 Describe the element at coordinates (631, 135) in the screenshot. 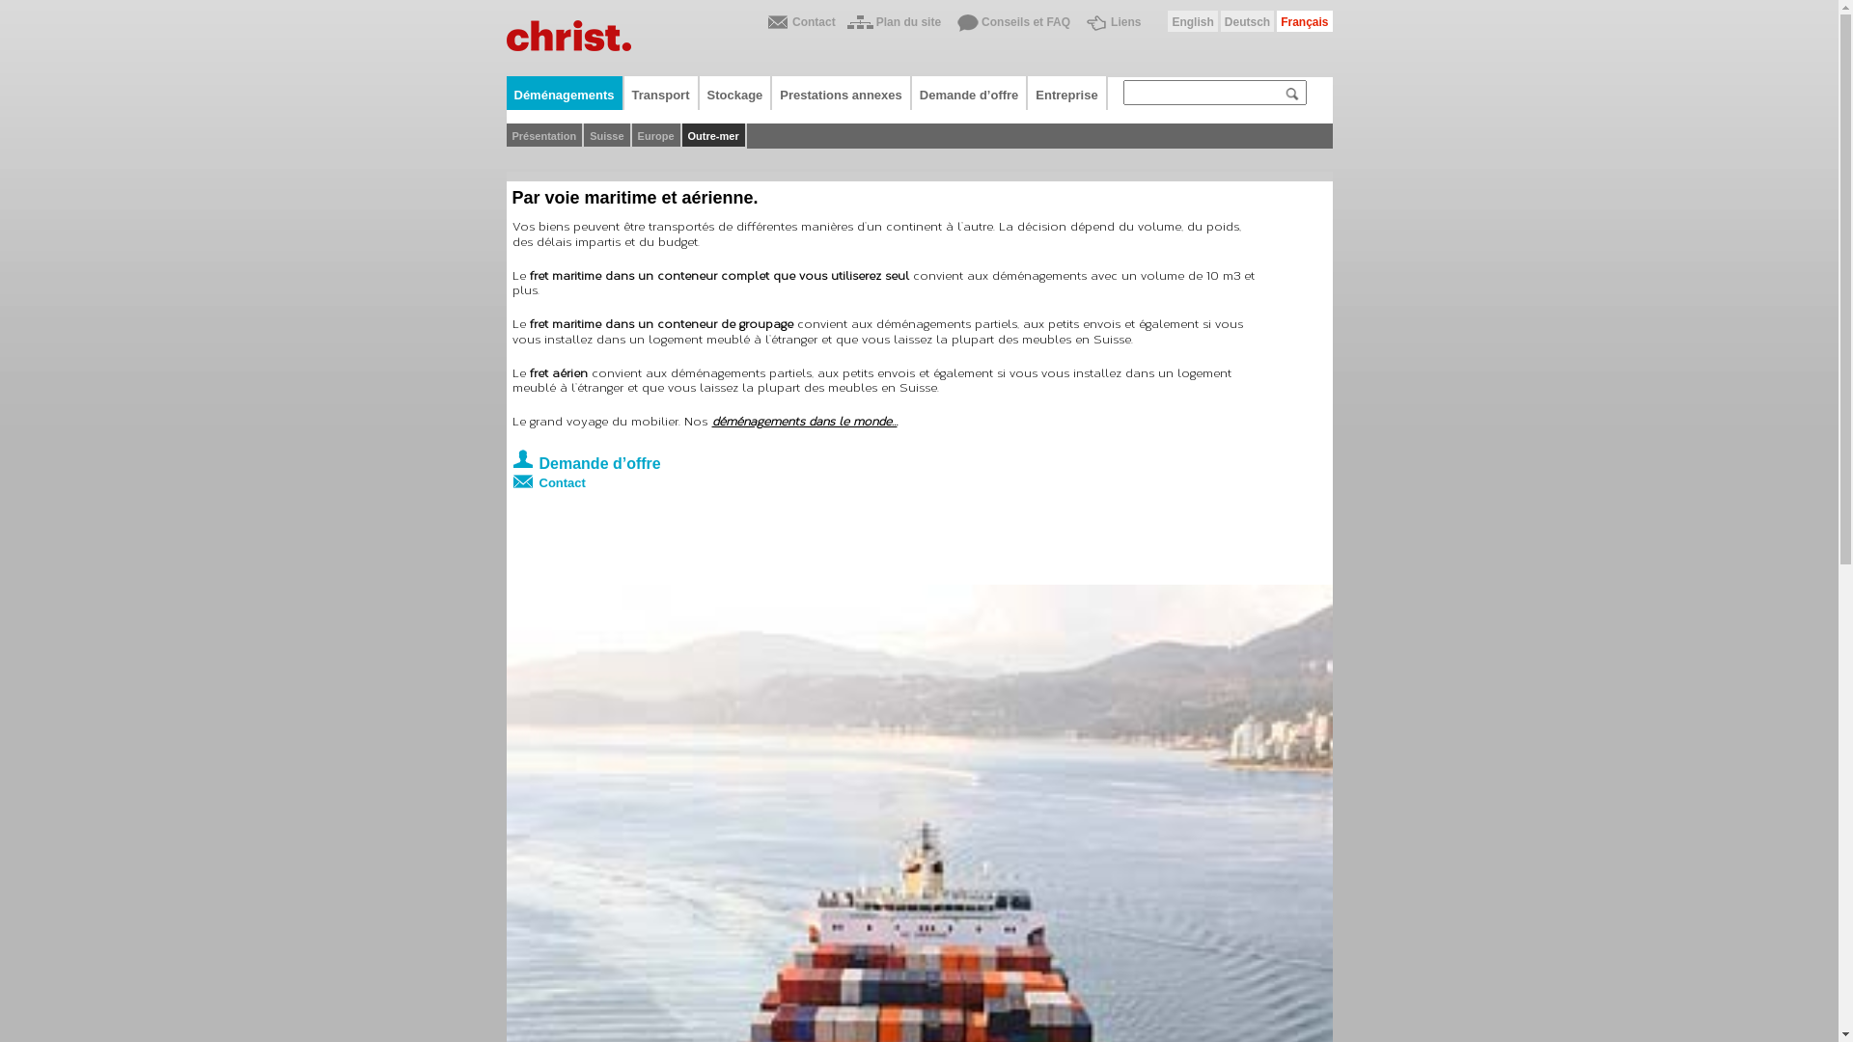

I see `'Europe'` at that location.